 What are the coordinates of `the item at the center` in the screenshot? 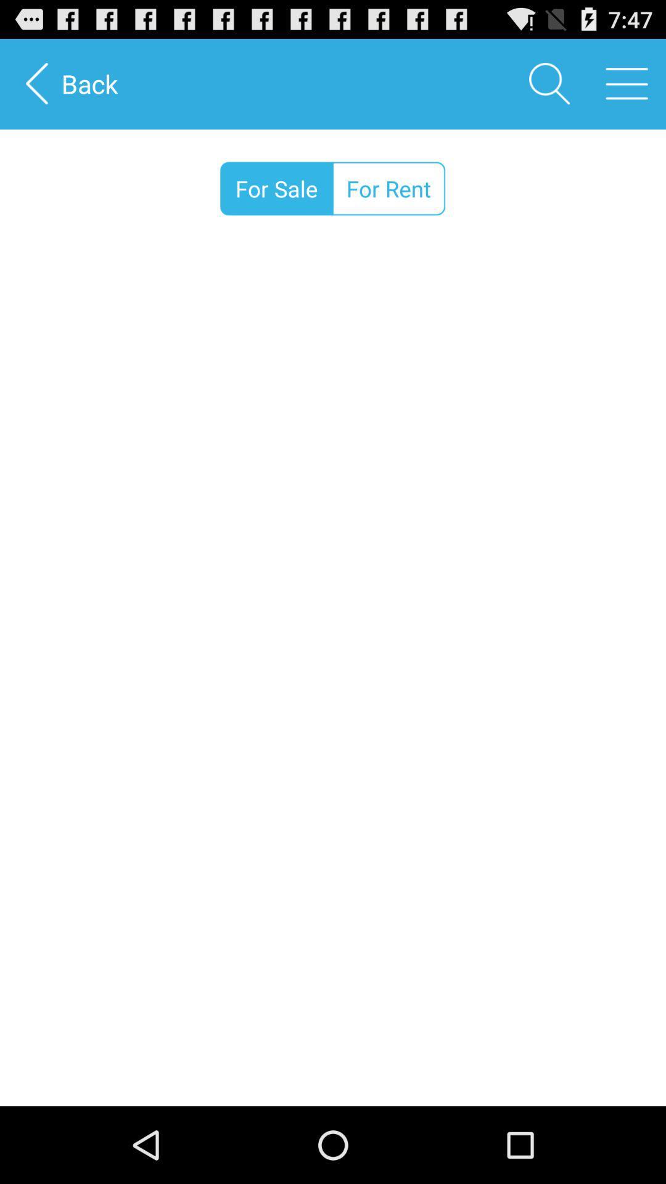 It's located at (333, 676).